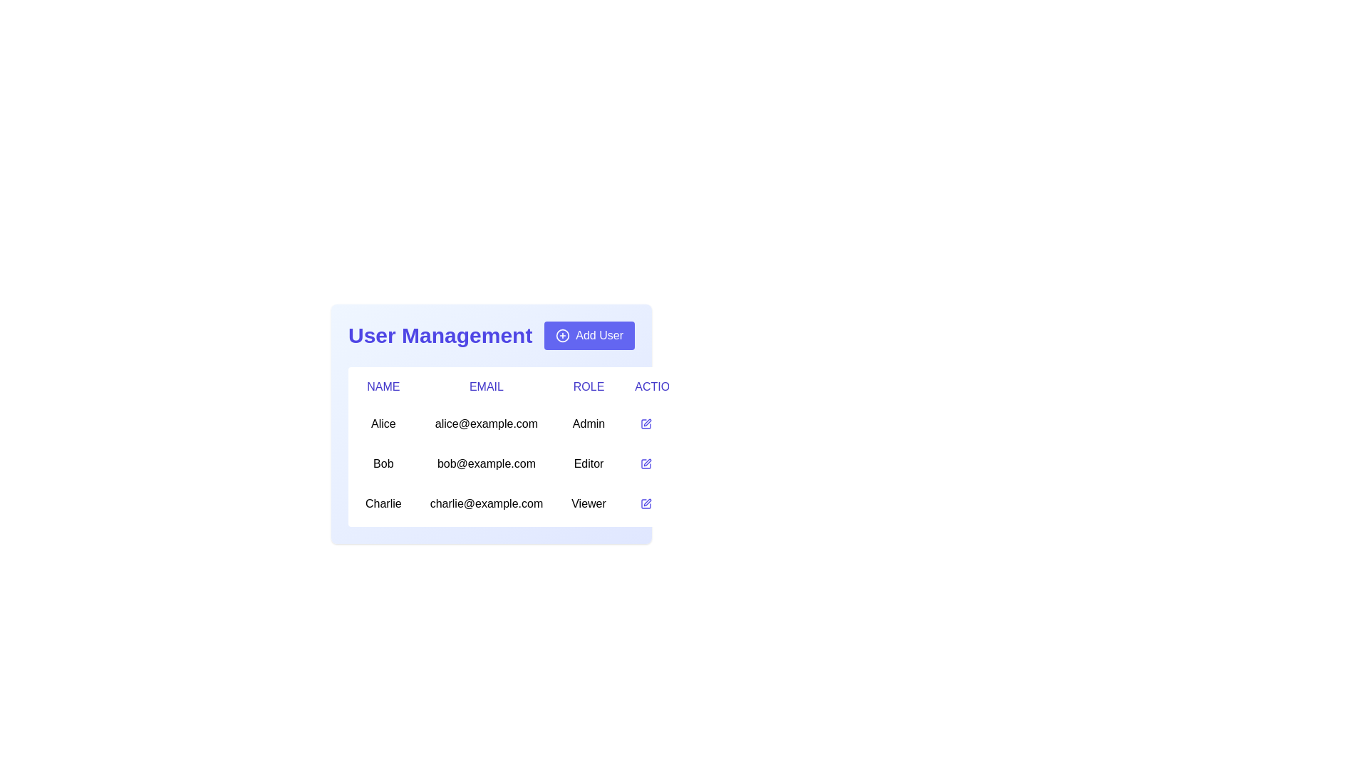  What do you see at coordinates (589, 387) in the screenshot?
I see `the header label for the 'Role' column in the table, which is located in the third column of the header row aligned with 'NAME' and 'EMAIL'` at bounding box center [589, 387].